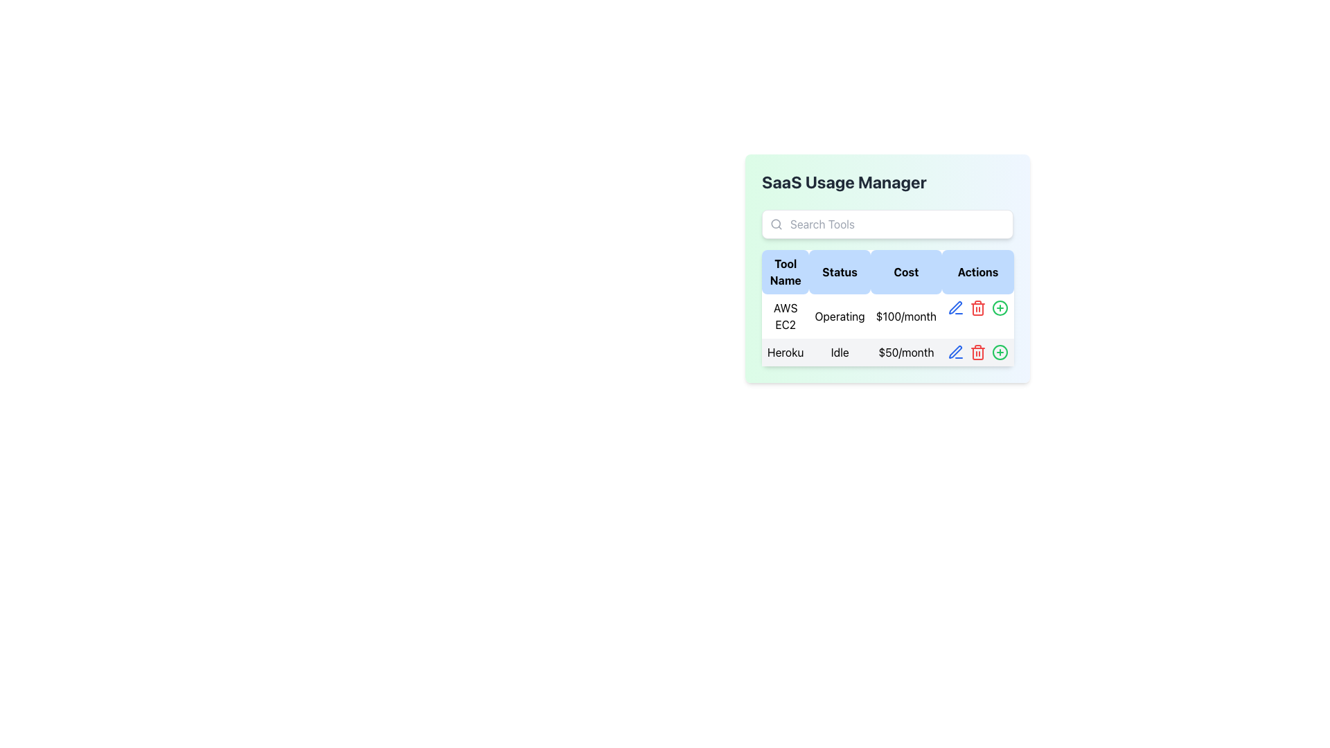  I want to click on the SVG shape component that visually represents the magnifying glass icon for search functionality, located at the top-left portion of the search bar interface, so click(776, 223).